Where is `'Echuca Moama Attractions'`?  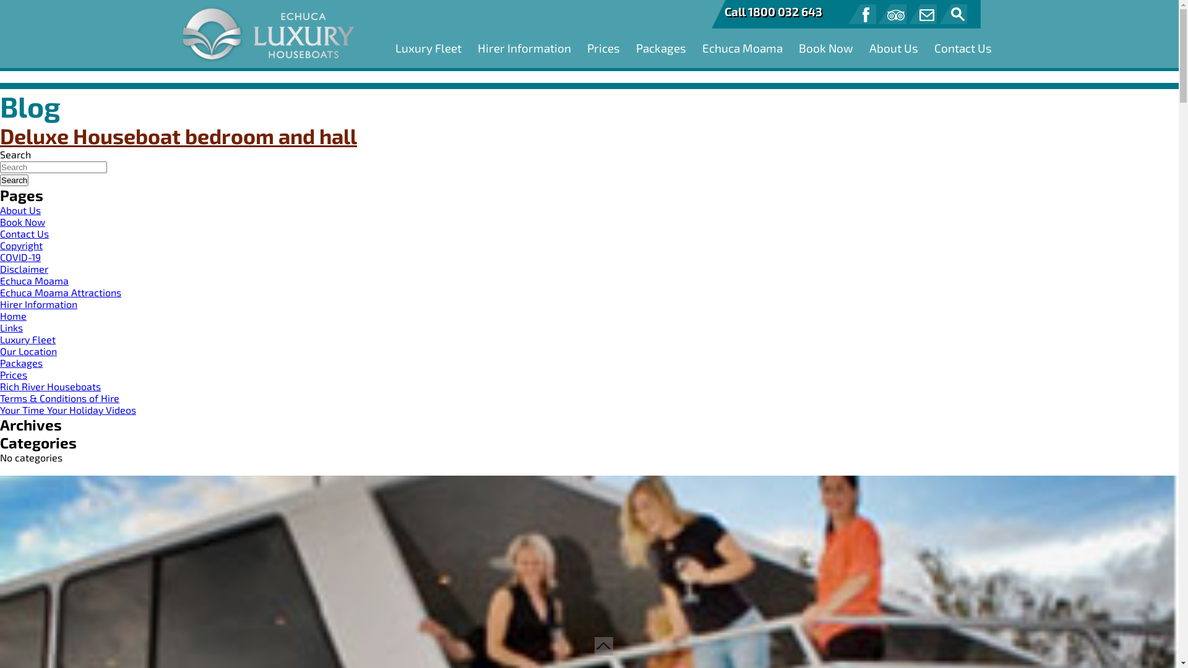
'Echuca Moama Attractions' is located at coordinates (59, 292).